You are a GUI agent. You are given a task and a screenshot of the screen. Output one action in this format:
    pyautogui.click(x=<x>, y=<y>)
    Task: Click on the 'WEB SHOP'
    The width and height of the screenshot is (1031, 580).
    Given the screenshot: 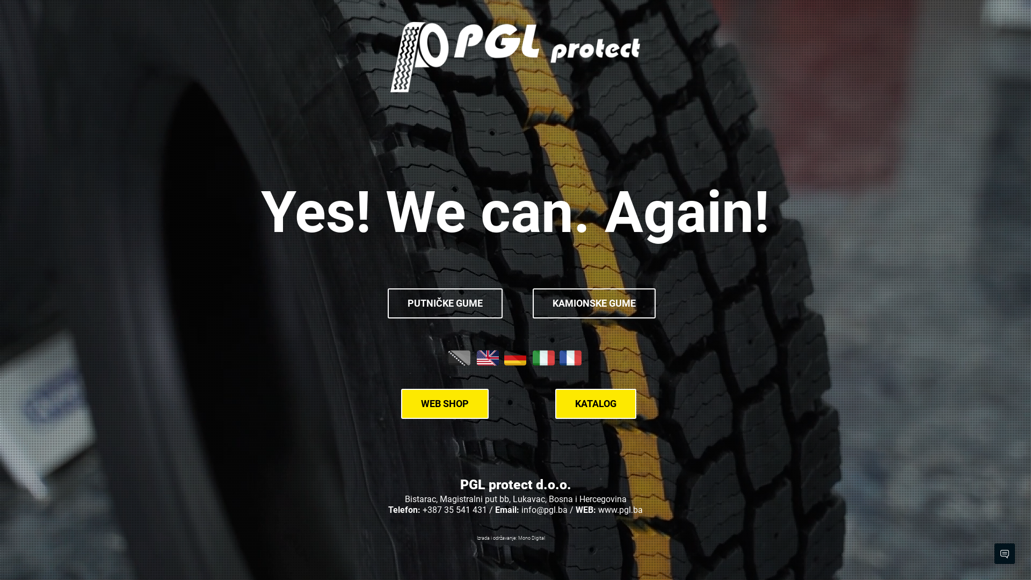 What is the action you would take?
    pyautogui.click(x=445, y=404)
    